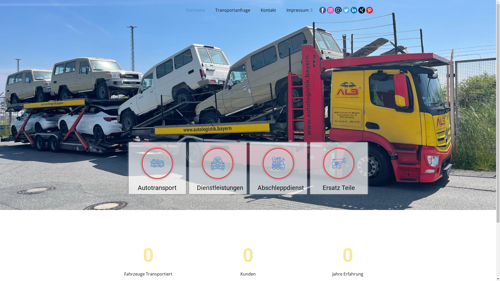 The height and width of the screenshot is (281, 500). Describe the element at coordinates (354, 10) in the screenshot. I see `'LinkedIn'` at that location.